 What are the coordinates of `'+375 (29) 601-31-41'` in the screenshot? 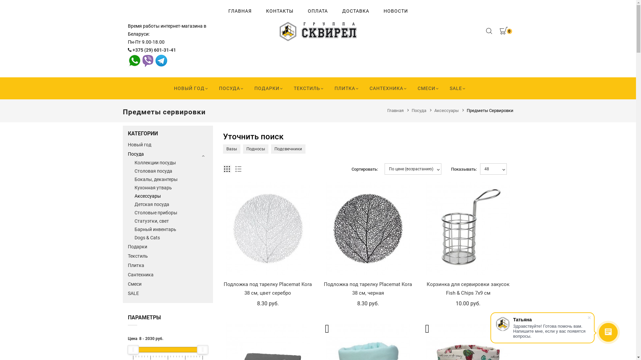 It's located at (132, 50).